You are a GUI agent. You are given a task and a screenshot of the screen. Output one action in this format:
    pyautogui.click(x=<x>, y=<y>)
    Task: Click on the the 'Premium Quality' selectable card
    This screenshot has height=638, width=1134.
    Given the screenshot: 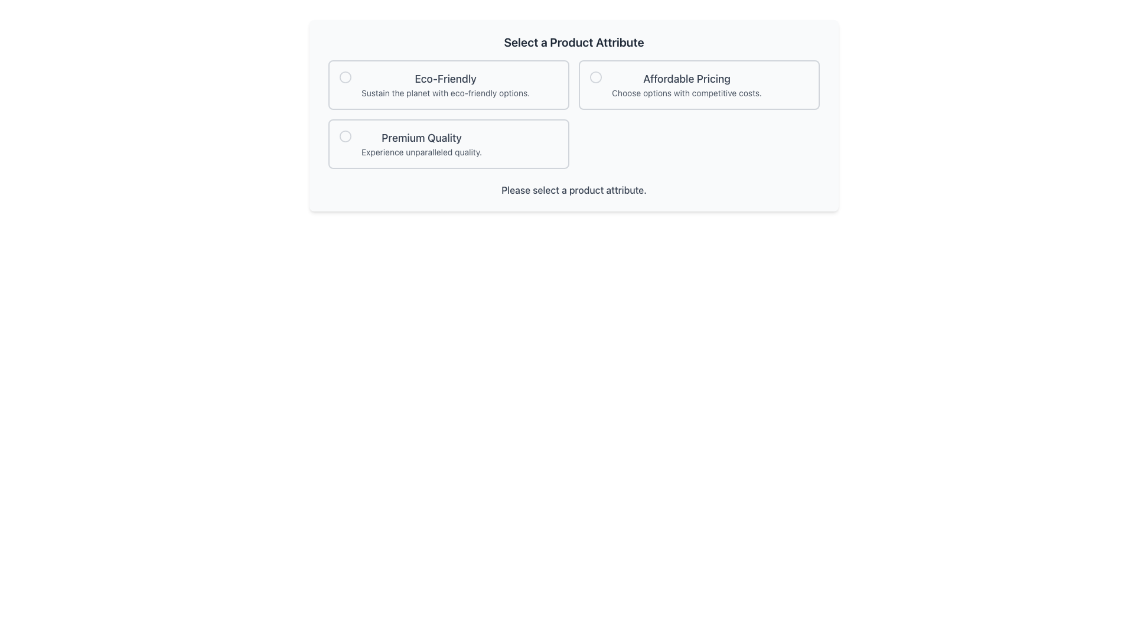 What is the action you would take?
    pyautogui.click(x=448, y=143)
    